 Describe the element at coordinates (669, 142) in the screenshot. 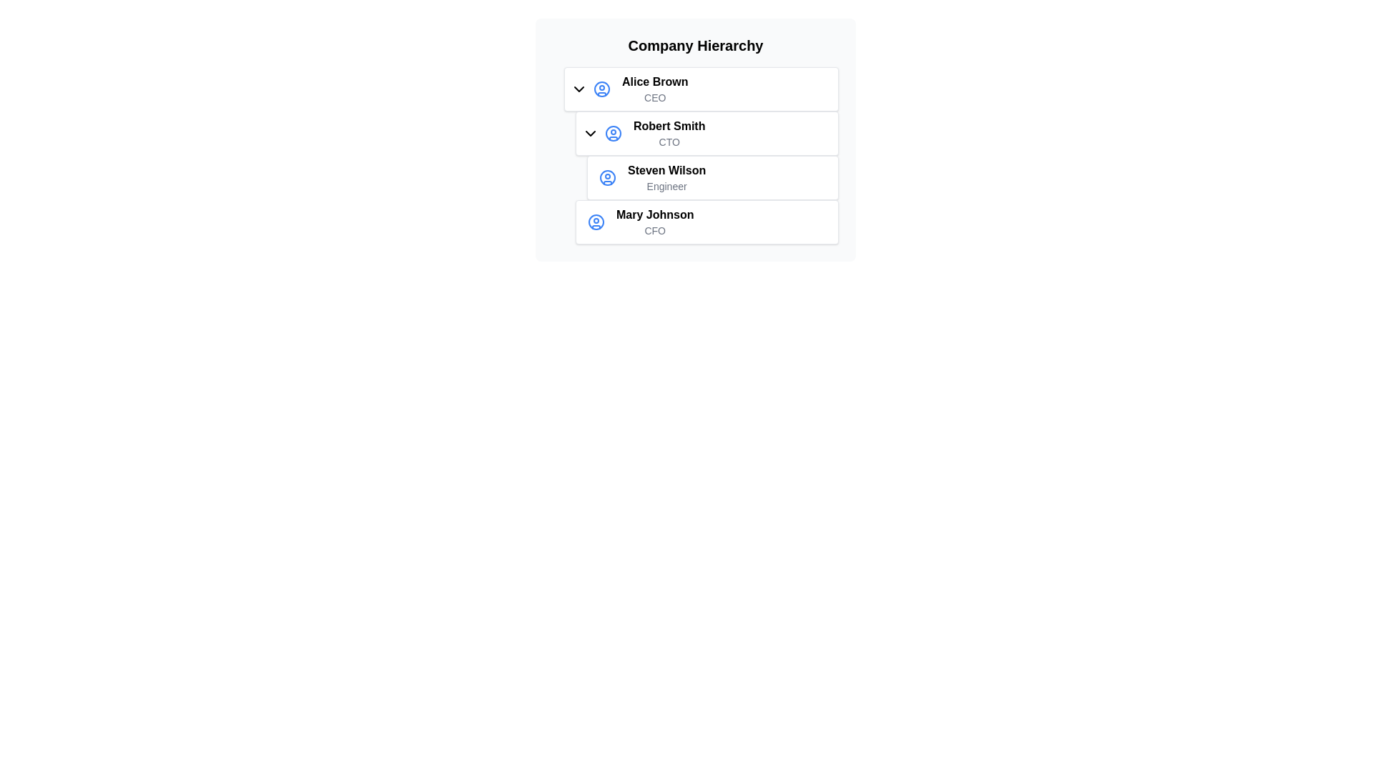

I see `the text label displaying 'CTO', which is styled with a small gray font and positioned under the name 'Robert Smith'` at that location.